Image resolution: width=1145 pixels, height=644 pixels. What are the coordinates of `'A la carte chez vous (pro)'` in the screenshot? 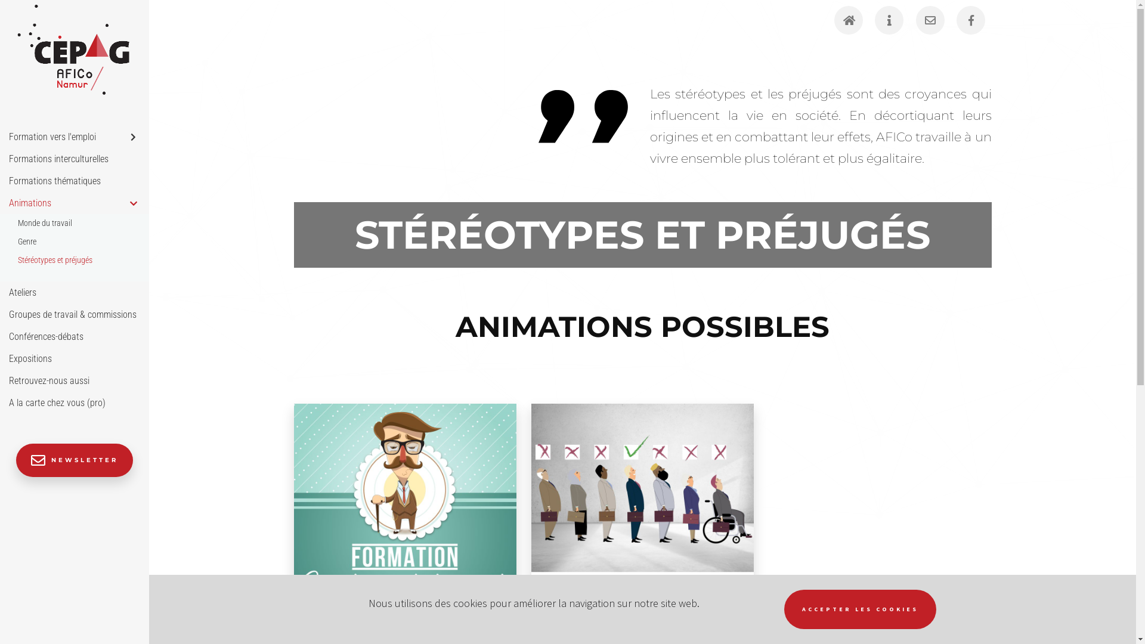 It's located at (73, 402).